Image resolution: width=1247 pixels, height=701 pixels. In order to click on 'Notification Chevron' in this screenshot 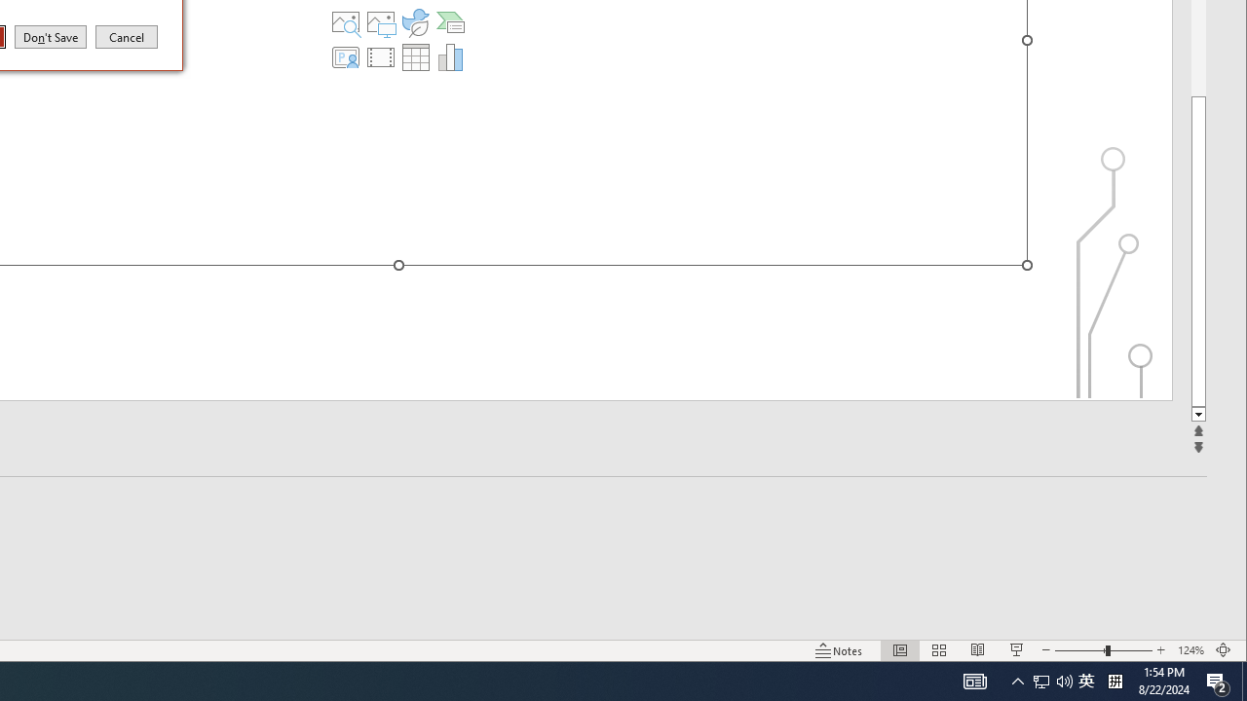, I will do `click(1017, 680)`.